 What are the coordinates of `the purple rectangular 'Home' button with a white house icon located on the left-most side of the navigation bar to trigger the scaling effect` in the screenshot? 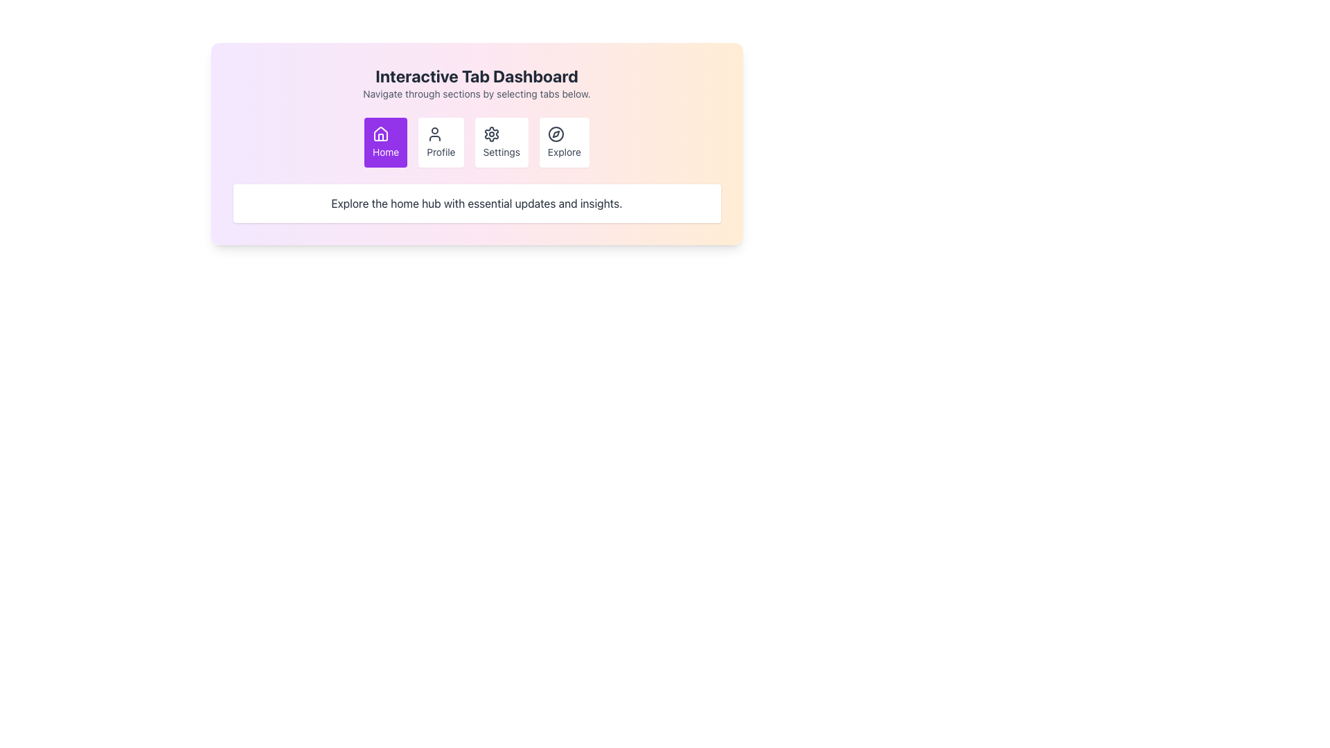 It's located at (386, 142).